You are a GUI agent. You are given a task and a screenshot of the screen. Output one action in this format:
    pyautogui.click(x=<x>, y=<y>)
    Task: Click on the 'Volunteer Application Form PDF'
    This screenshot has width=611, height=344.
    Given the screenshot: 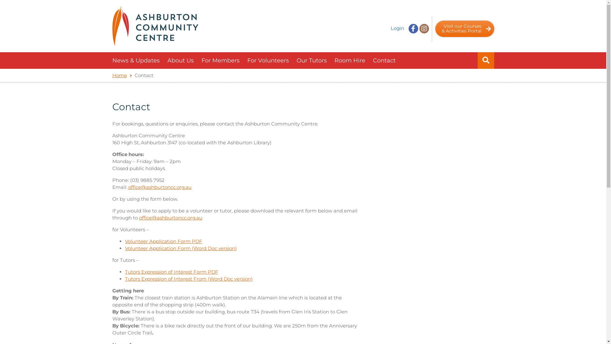 What is the action you would take?
    pyautogui.click(x=163, y=241)
    